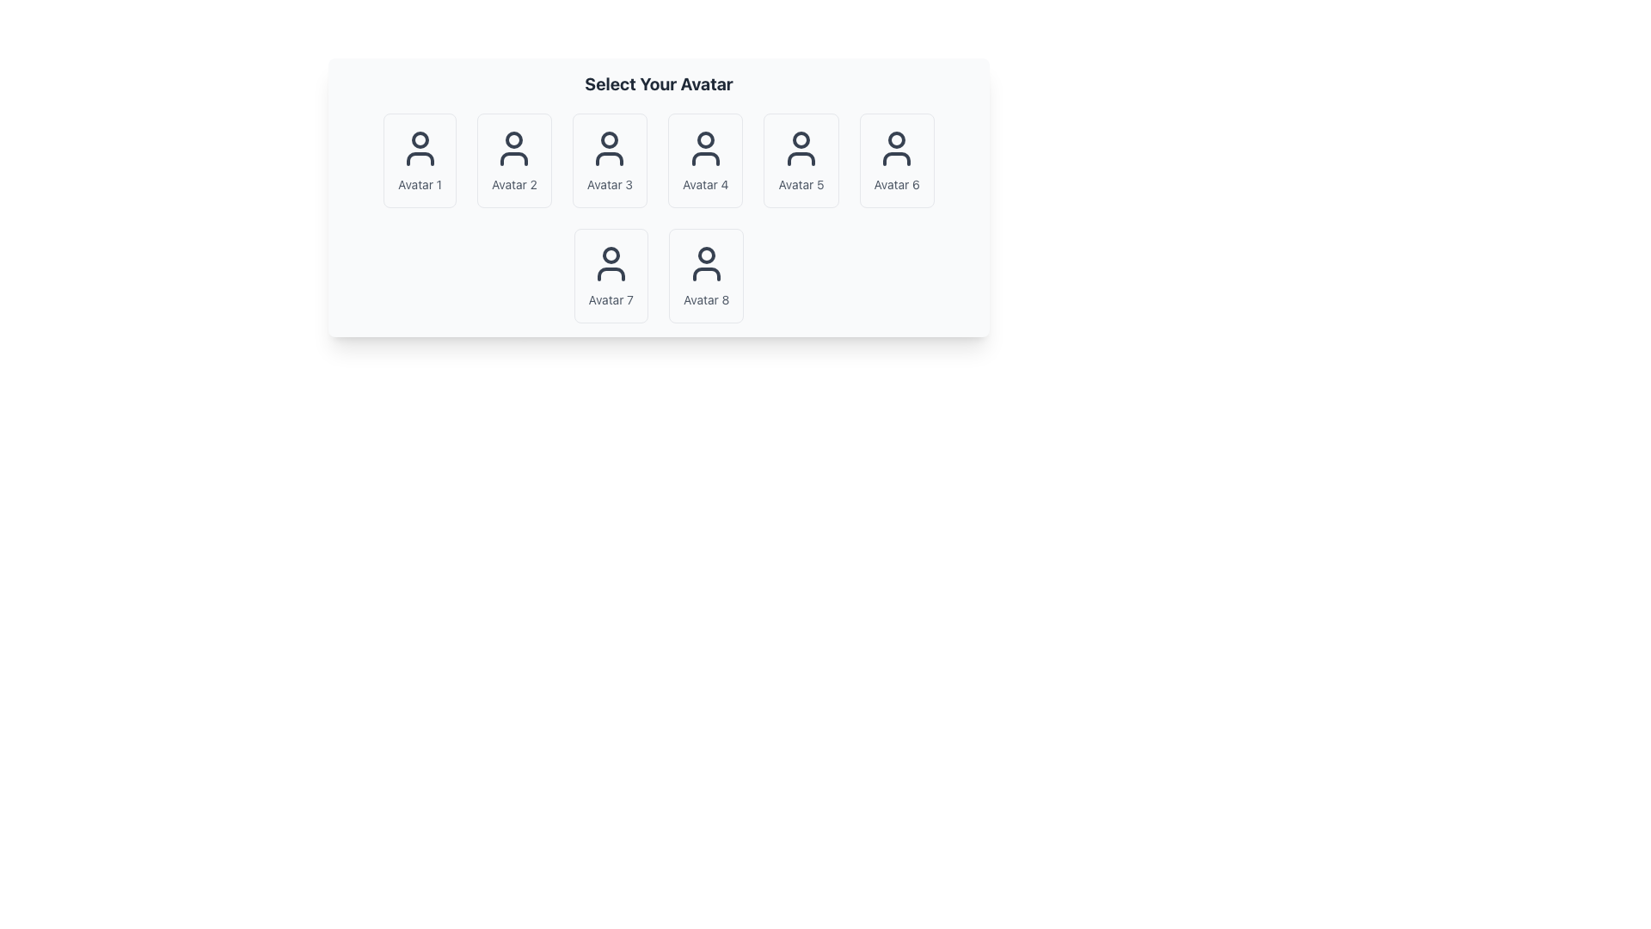  Describe the element at coordinates (611, 274) in the screenshot. I see `properties of the Icon Component located at the lower part of 'Avatar 7' in the avatar selection grid` at that location.